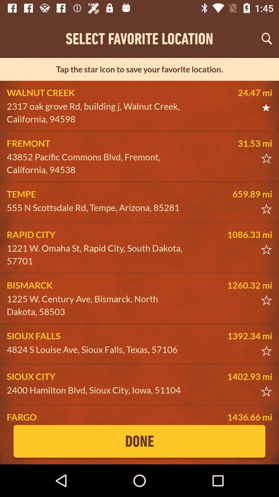 The width and height of the screenshot is (279, 497). What do you see at coordinates (97, 208) in the screenshot?
I see `the 555 n scottsdale item` at bounding box center [97, 208].